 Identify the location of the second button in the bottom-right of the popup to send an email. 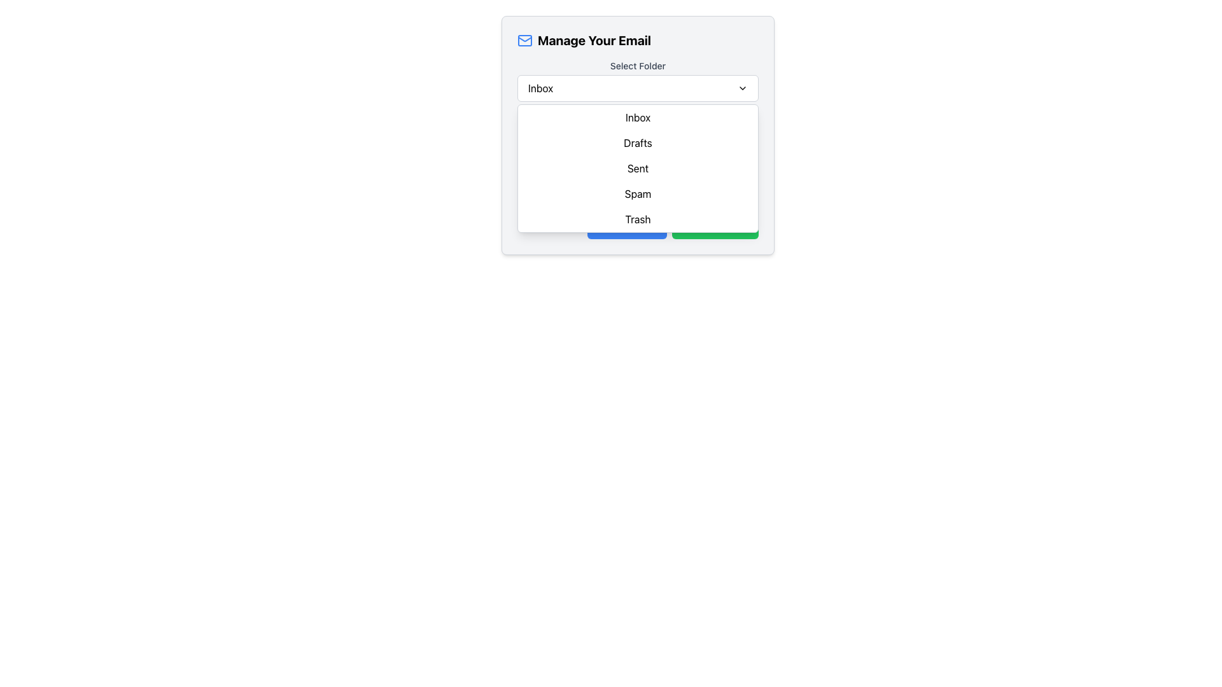
(715, 225).